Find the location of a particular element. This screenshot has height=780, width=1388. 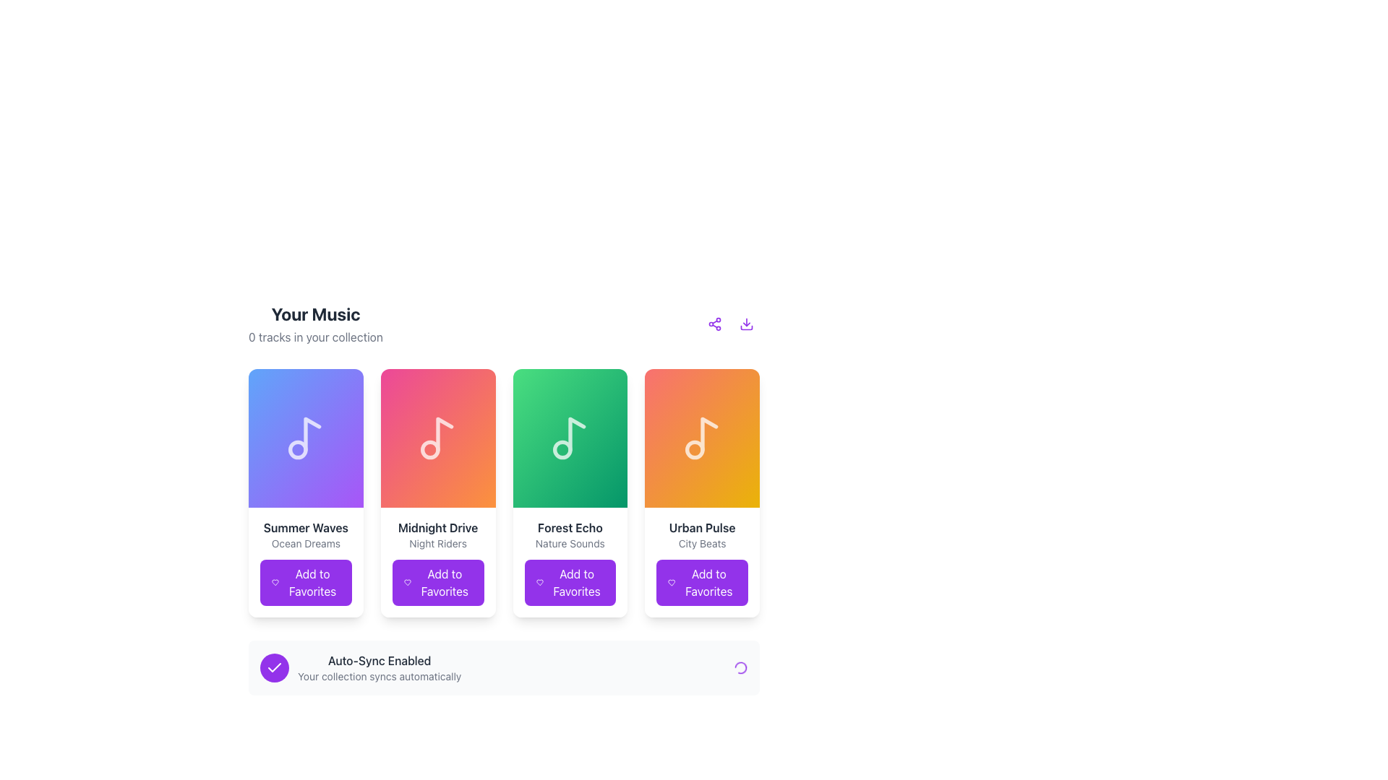

the music-related graphical icon located centrally within the green card labeled 'Forest Echo', which is the third card from the left in the row is located at coordinates (569, 437).